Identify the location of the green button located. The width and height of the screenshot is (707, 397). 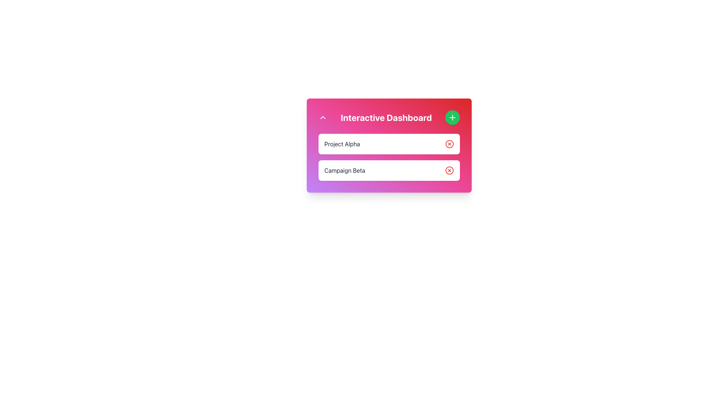
(452, 117).